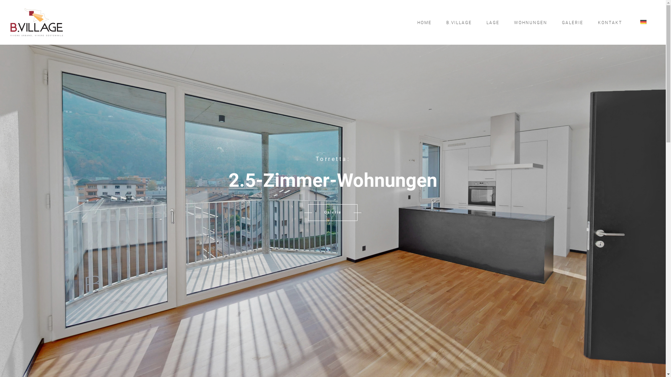 The image size is (671, 377). I want to click on 'Deutsch', so click(643, 21).